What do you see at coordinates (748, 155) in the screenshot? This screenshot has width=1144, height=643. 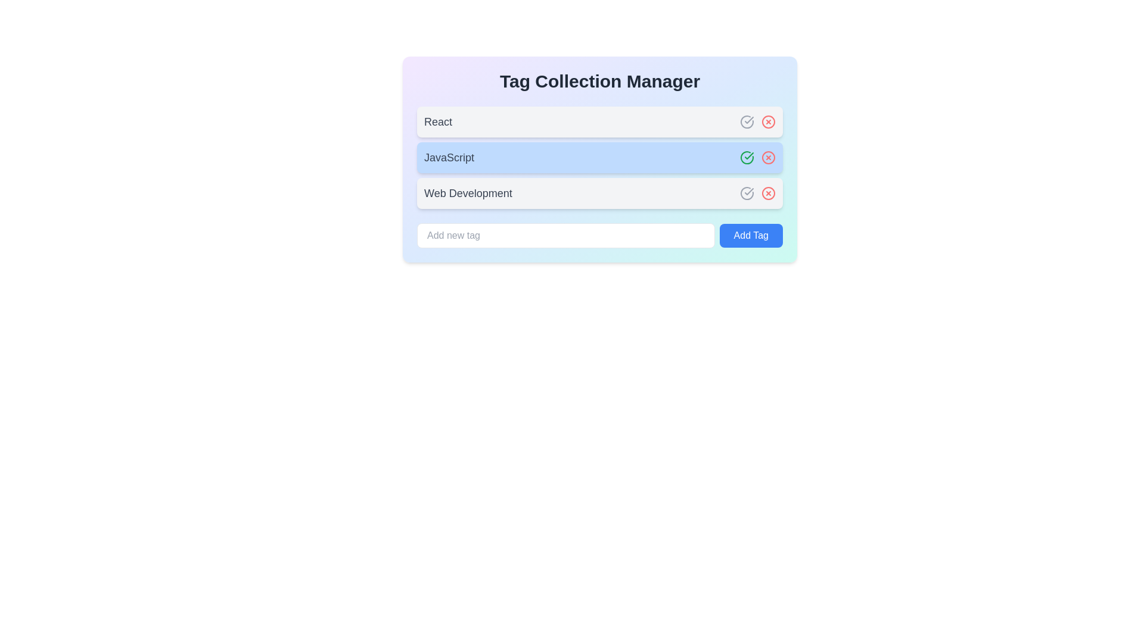 I see `the green checkmark icon located on the blue 'JavaScript' tag, which is positioned before the red delete button in the tag management component` at bounding box center [748, 155].